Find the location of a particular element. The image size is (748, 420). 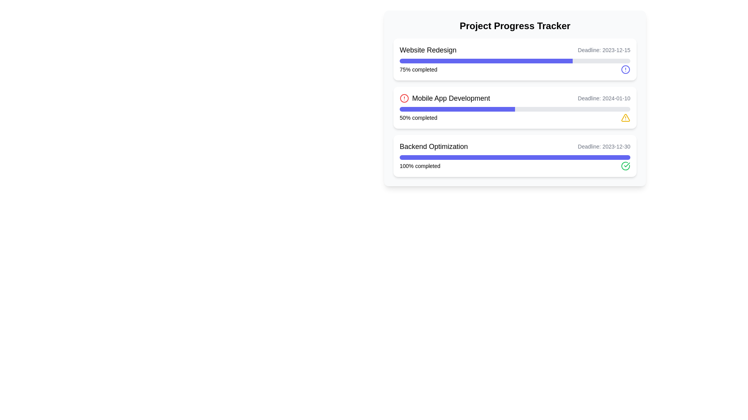

the filled portion of the progress bar representing 50% completion of the 'Mobile App Development' task in the 'Project Progress Tracker' interface is located at coordinates (457, 109).